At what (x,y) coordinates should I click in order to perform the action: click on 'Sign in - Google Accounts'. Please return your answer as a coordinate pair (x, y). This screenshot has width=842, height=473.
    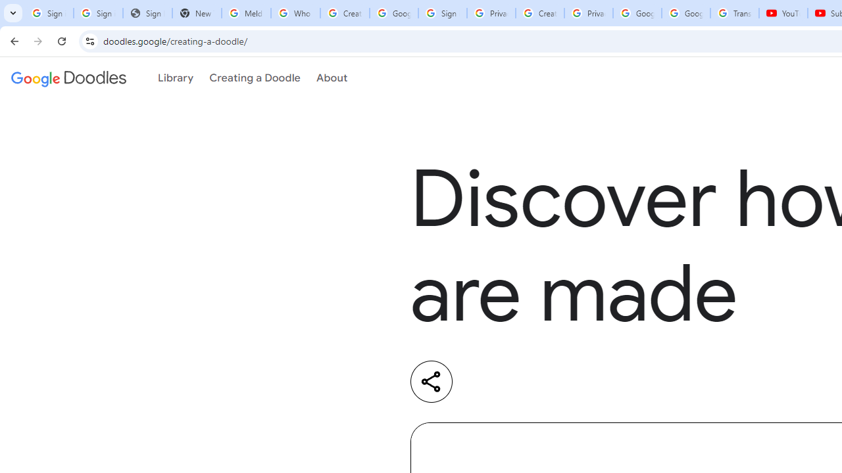
    Looking at the image, I should click on (443, 13).